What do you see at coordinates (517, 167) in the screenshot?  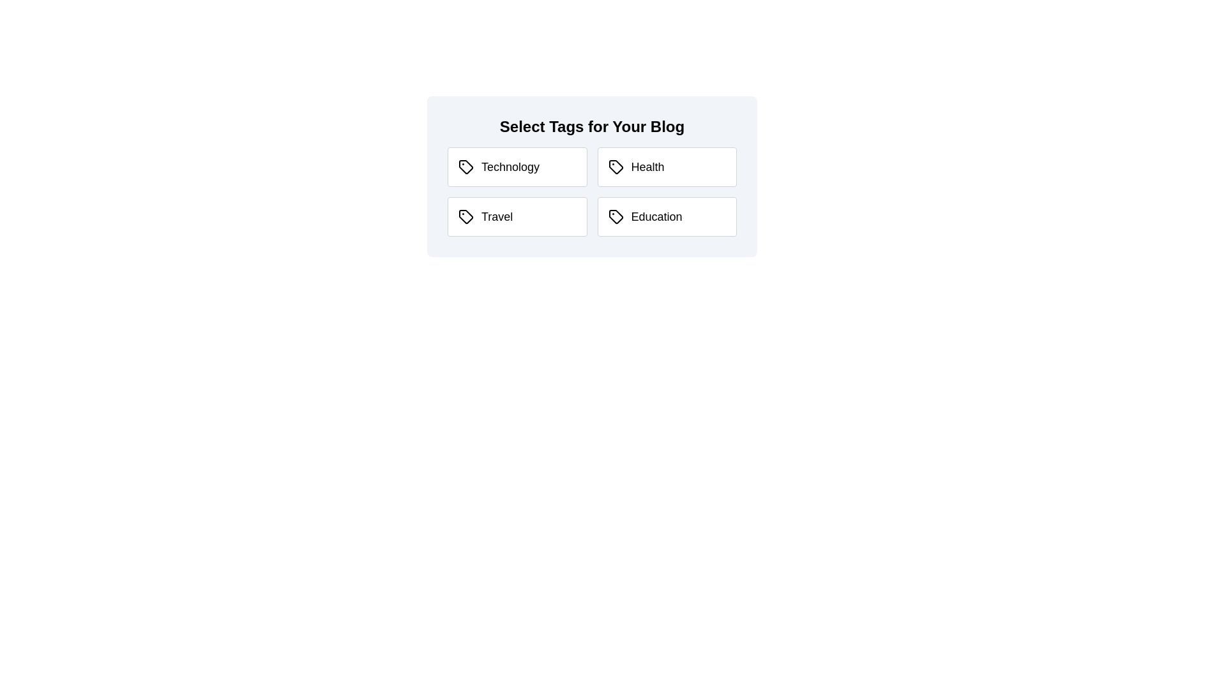 I see `the tag labeled Technology to observe the visual feedback` at bounding box center [517, 167].